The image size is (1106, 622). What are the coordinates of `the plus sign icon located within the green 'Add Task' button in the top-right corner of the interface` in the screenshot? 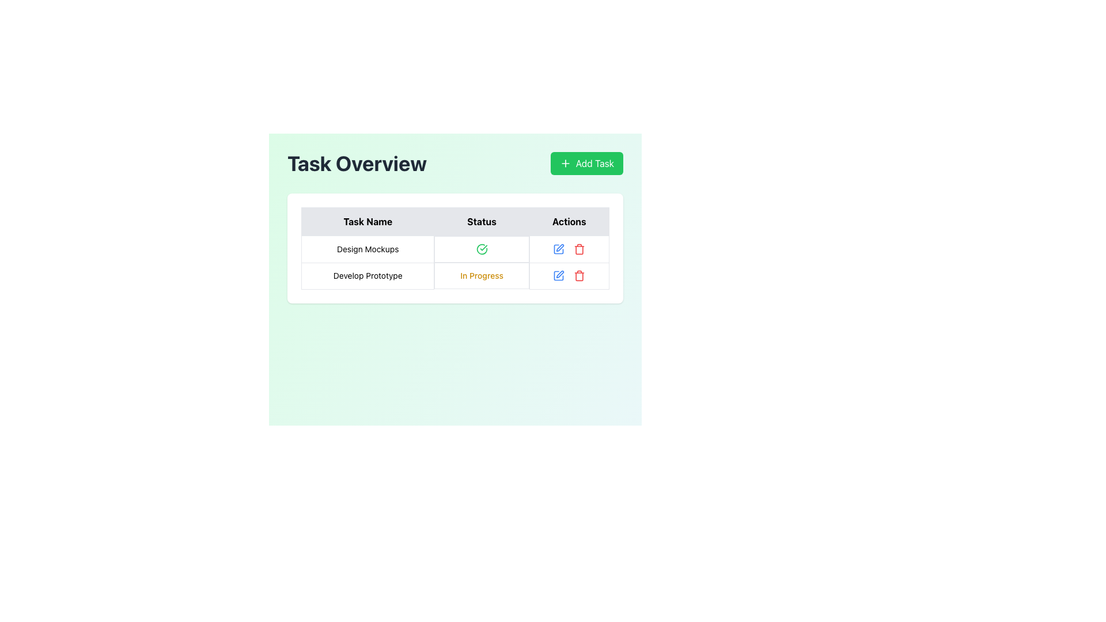 It's located at (565, 164).